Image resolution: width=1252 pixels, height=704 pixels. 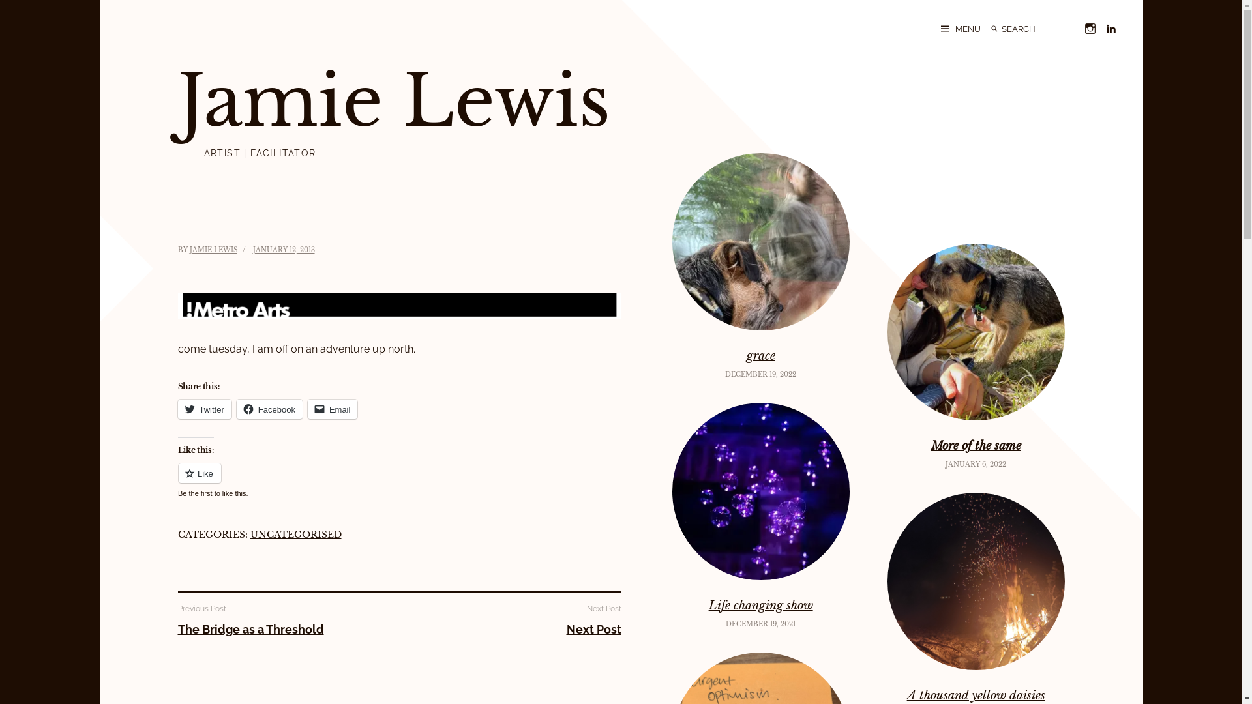 I want to click on 'JANUARY 6, 2022', so click(x=976, y=463).